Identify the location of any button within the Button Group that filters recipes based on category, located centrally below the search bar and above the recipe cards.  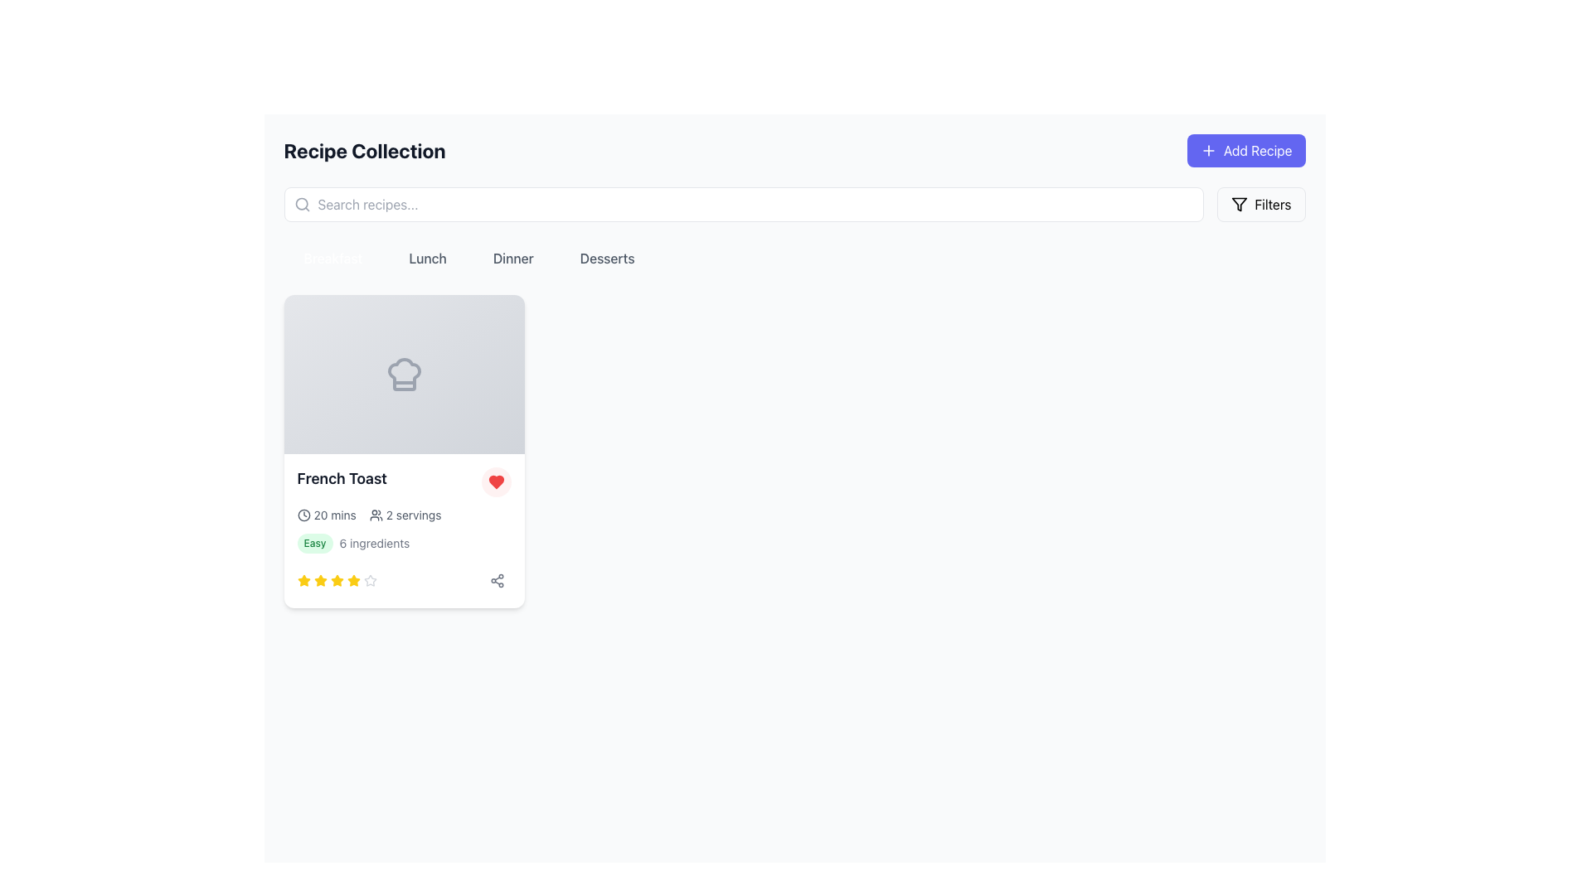
(794, 259).